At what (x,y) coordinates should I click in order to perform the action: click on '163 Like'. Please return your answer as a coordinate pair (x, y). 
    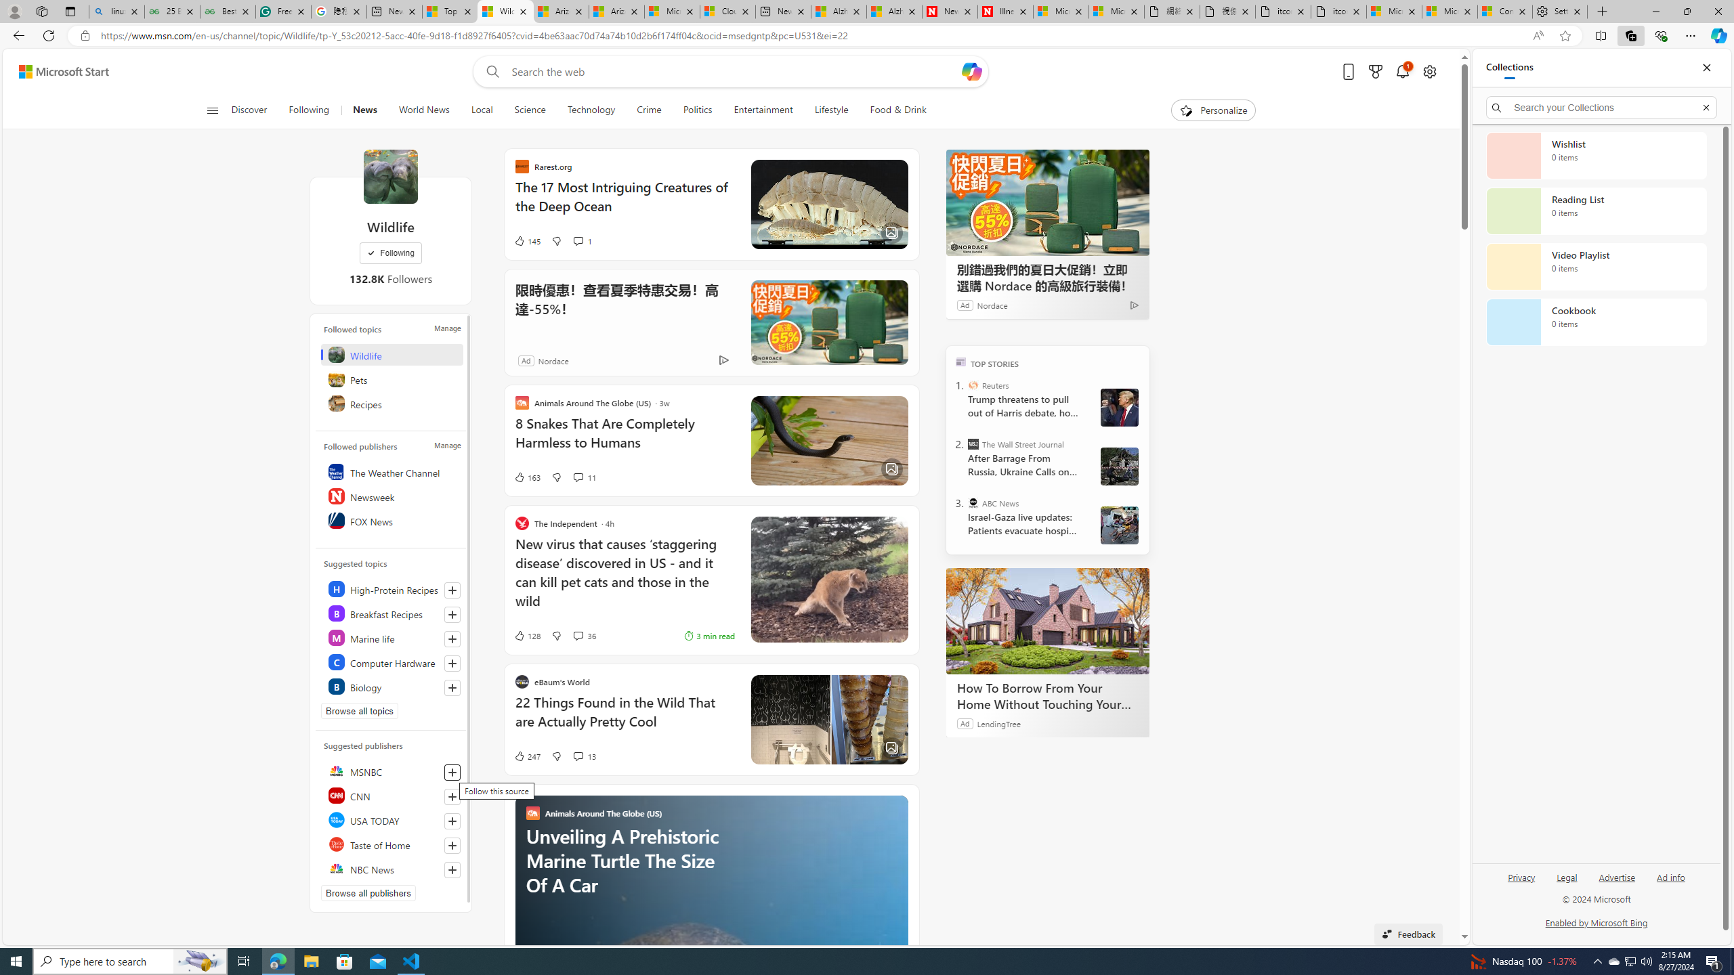
    Looking at the image, I should click on (527, 477).